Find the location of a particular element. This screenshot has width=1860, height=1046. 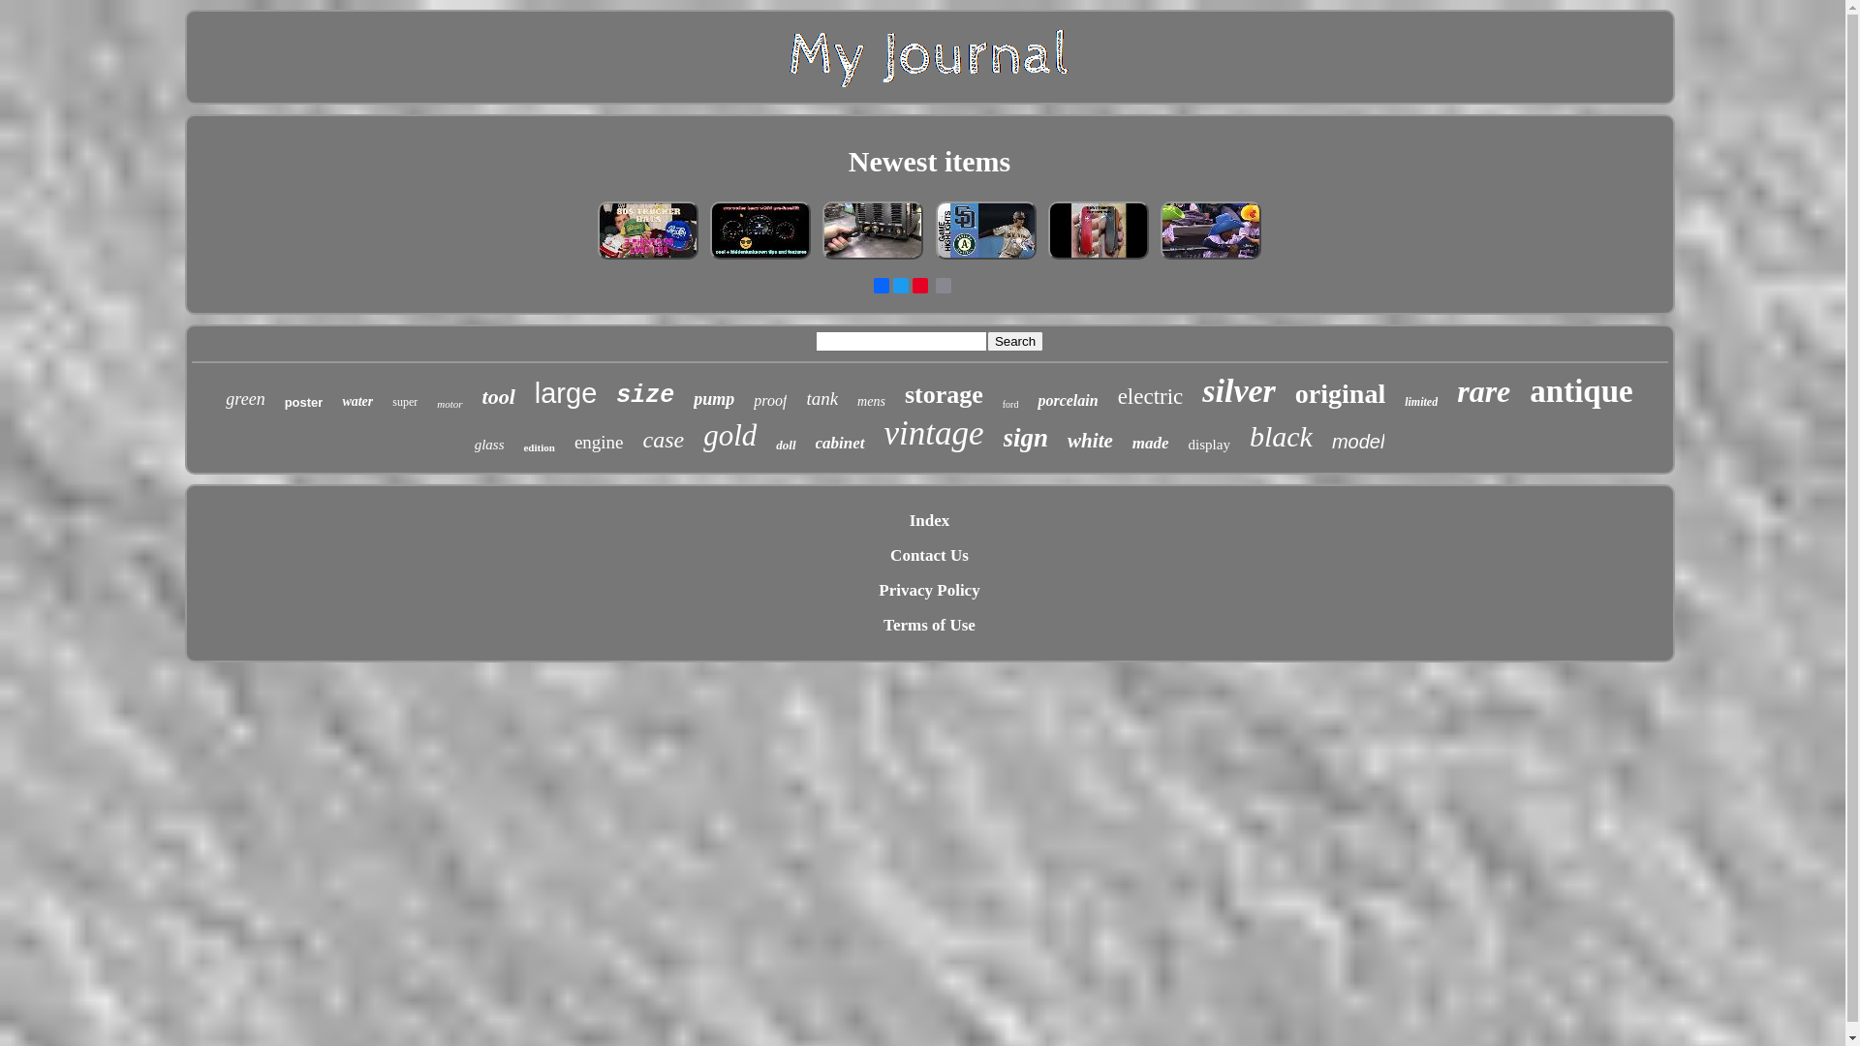

'Contact Us' is located at coordinates (928, 555).